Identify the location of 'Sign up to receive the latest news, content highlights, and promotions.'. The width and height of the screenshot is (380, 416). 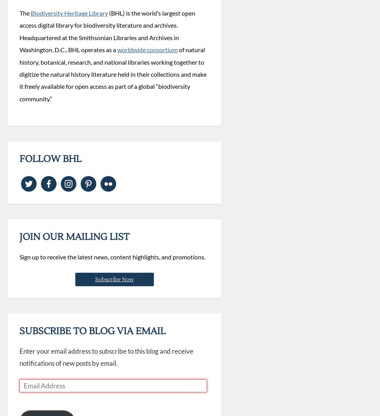
(112, 256).